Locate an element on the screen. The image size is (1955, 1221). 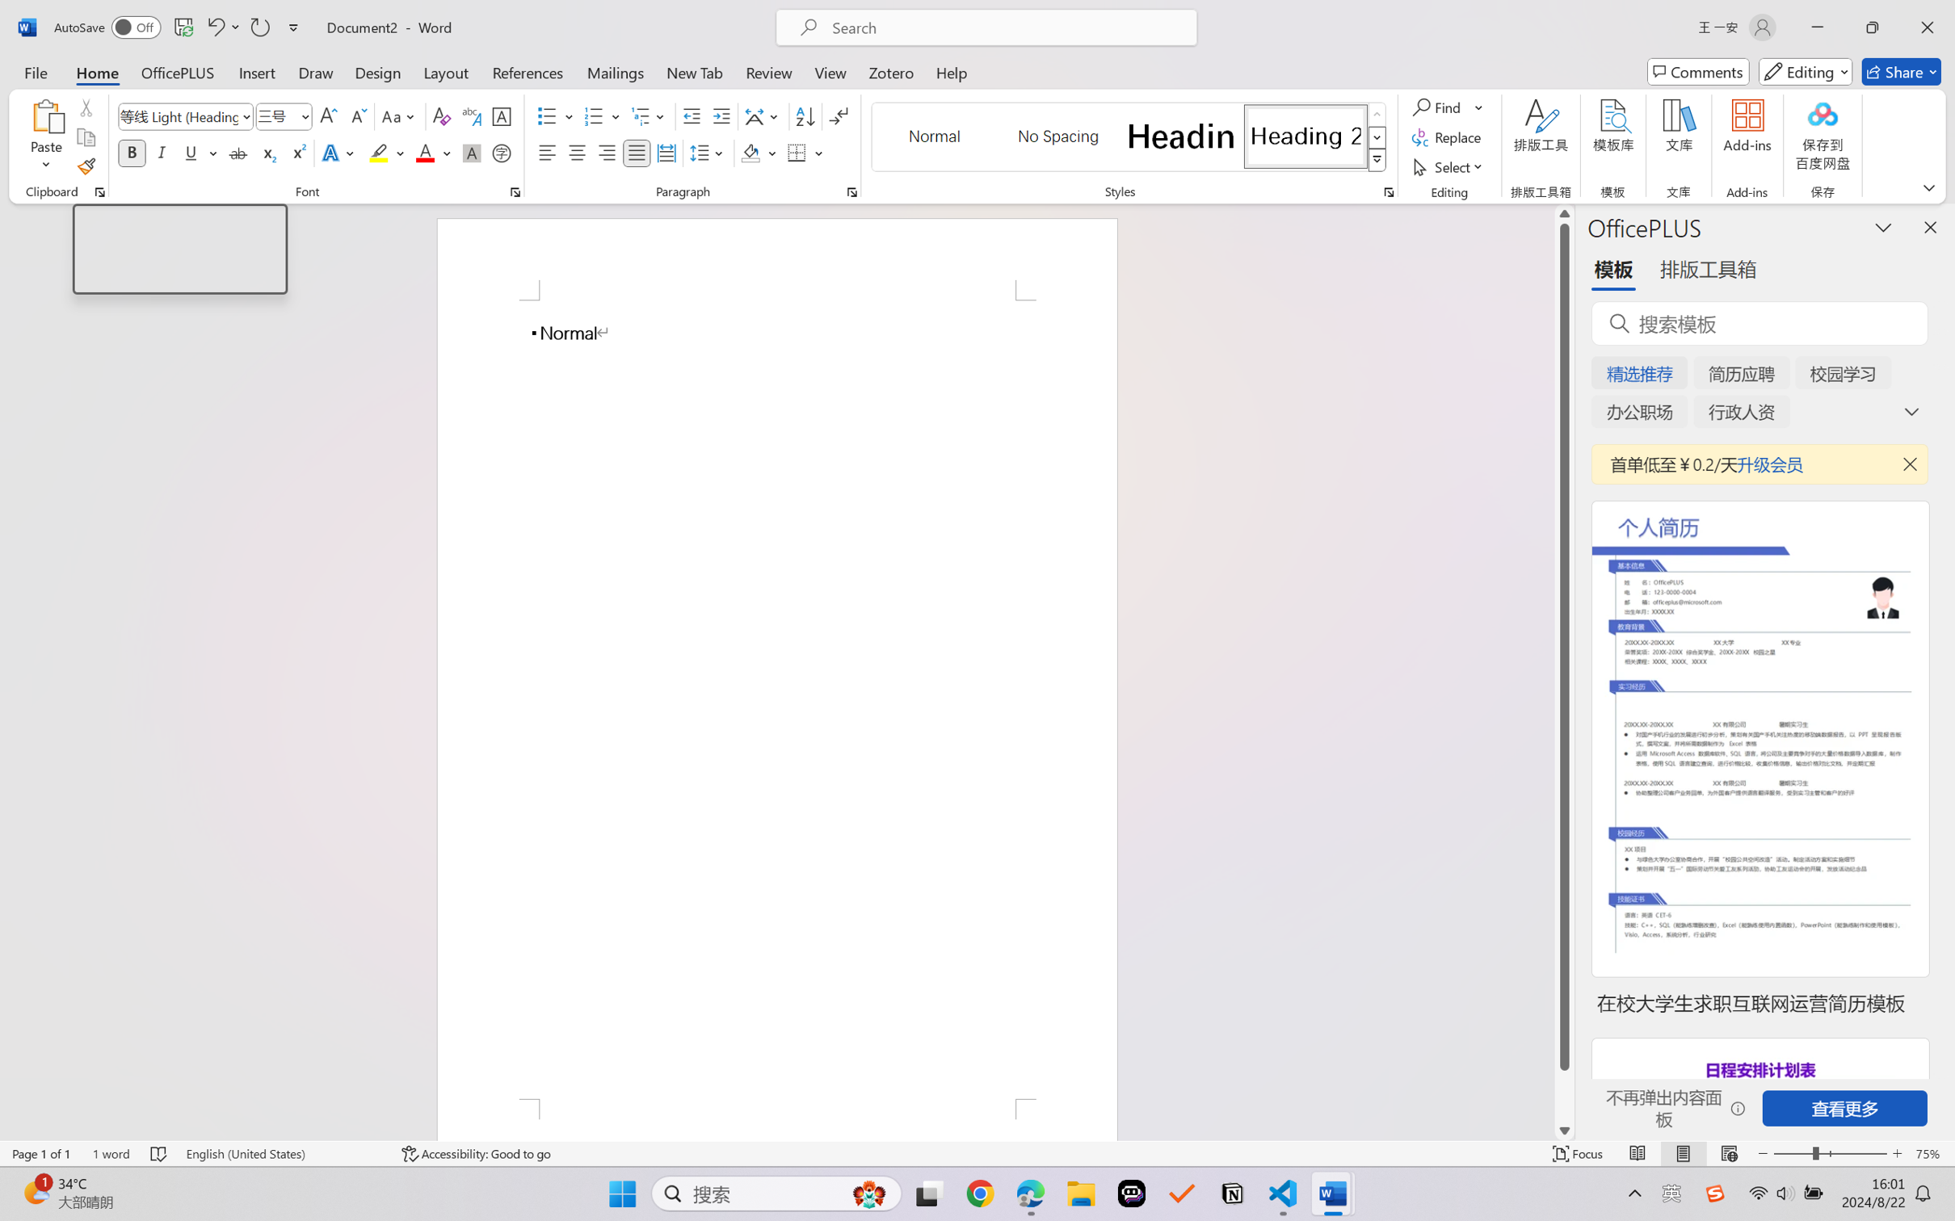
'Zoom In' is located at coordinates (1897, 1153).